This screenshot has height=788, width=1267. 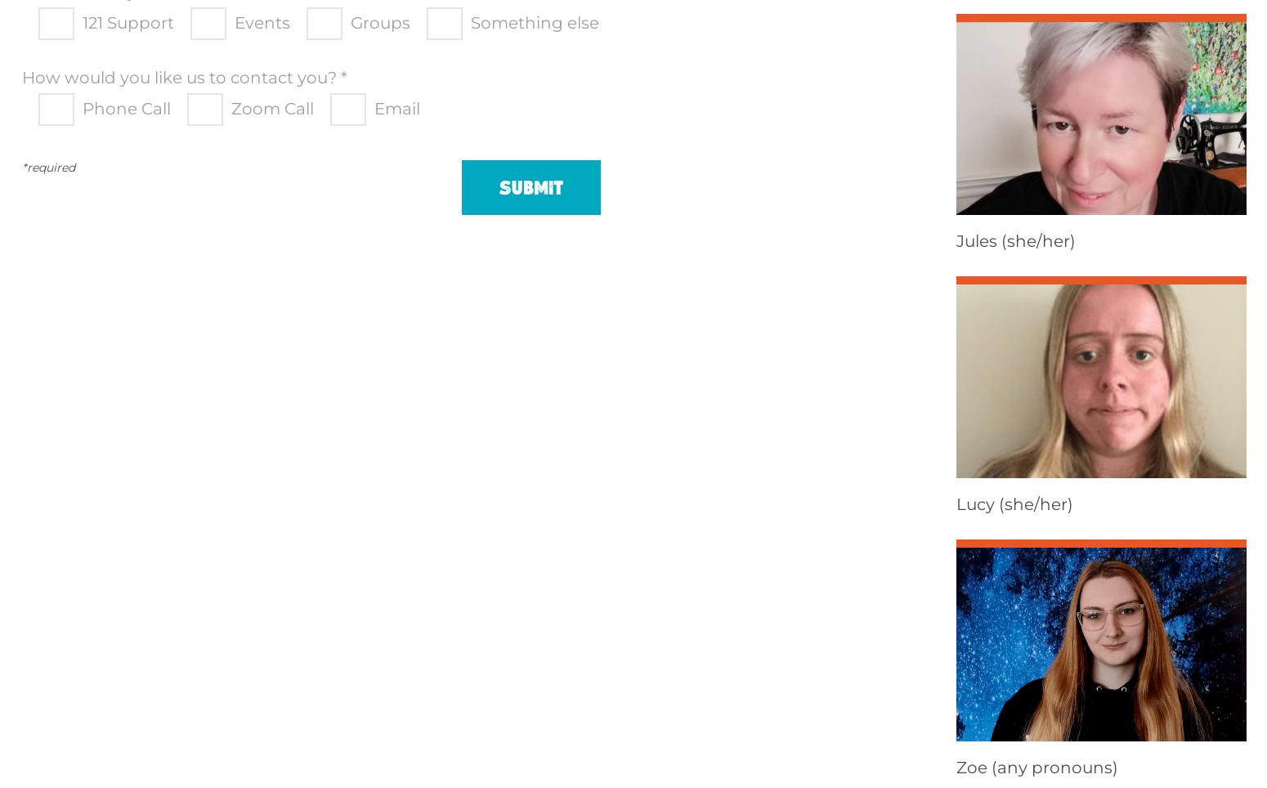 What do you see at coordinates (262, 21) in the screenshot?
I see `'Events'` at bounding box center [262, 21].